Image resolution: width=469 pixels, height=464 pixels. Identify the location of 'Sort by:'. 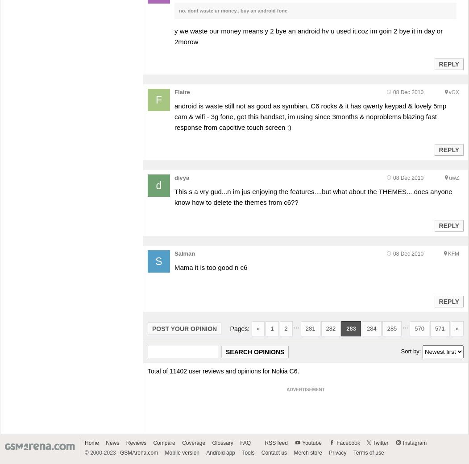
(400, 351).